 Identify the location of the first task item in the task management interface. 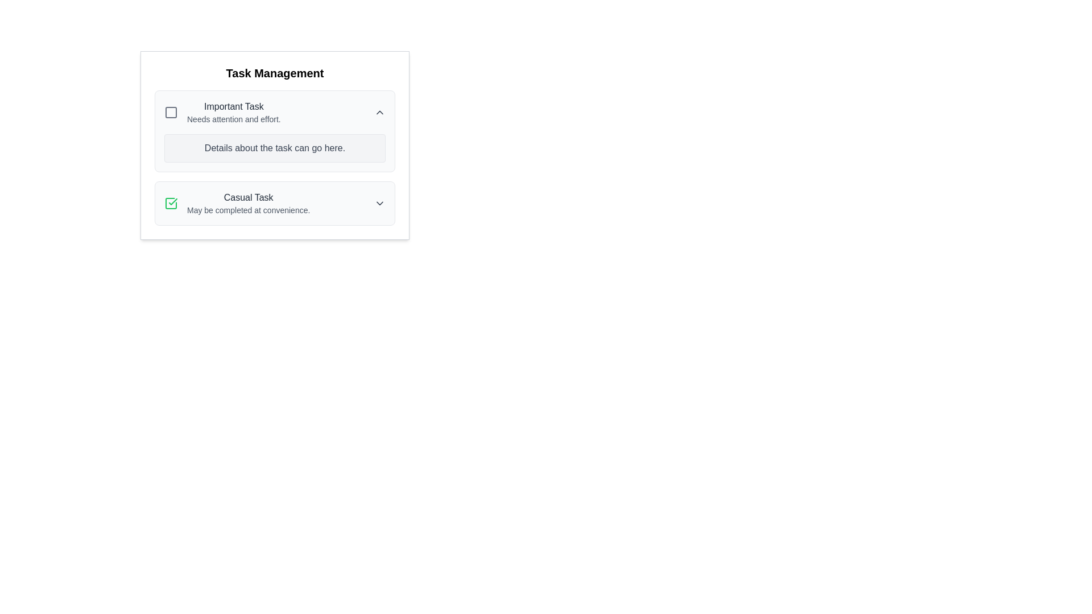
(222, 112).